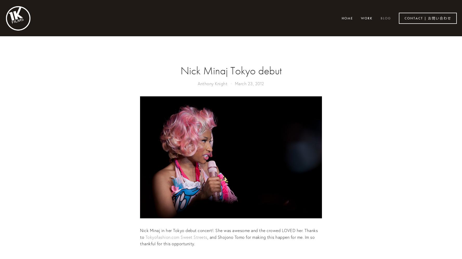  Describe the element at coordinates (228, 234) in the screenshot. I see `'Nick Minaj in her Tokyo debut concert!. She was awesome and the crowed LOVED her. Thanks to'` at that location.